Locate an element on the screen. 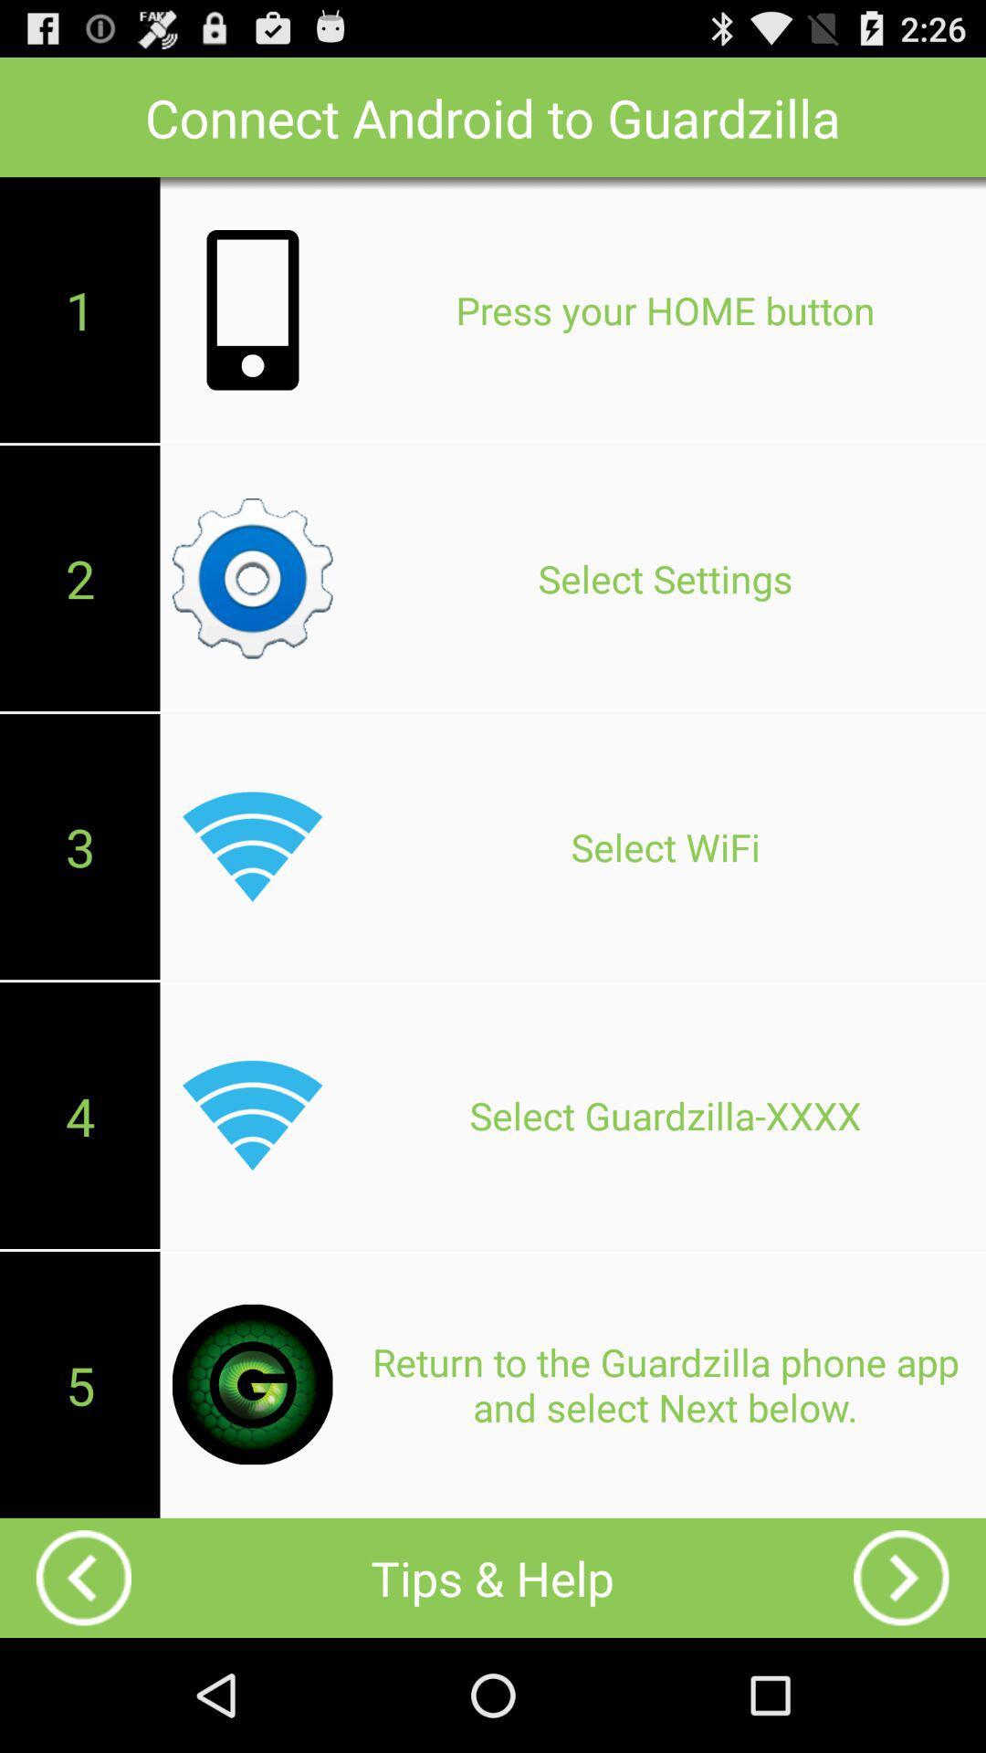 Image resolution: width=986 pixels, height=1753 pixels. go back is located at coordinates (900, 1577).